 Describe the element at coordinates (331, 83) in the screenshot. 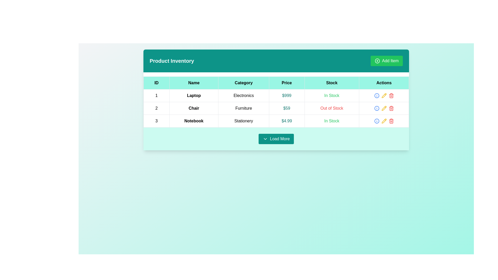

I see `the 'Stock' text label, which is displayed in bold black text on a light green background and is located in the fifth column of the header row of a table-like structure` at that location.